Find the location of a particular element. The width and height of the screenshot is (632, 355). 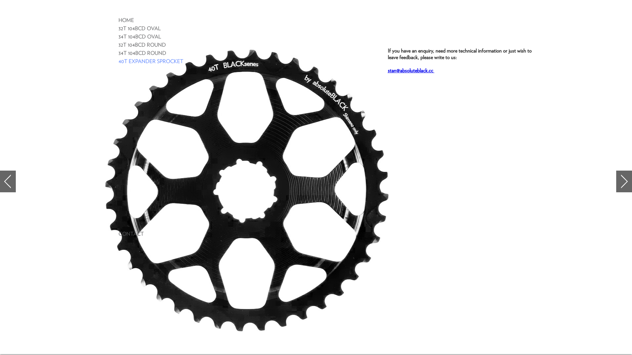

'32T 104BCD ROUND' is located at coordinates (142, 45).